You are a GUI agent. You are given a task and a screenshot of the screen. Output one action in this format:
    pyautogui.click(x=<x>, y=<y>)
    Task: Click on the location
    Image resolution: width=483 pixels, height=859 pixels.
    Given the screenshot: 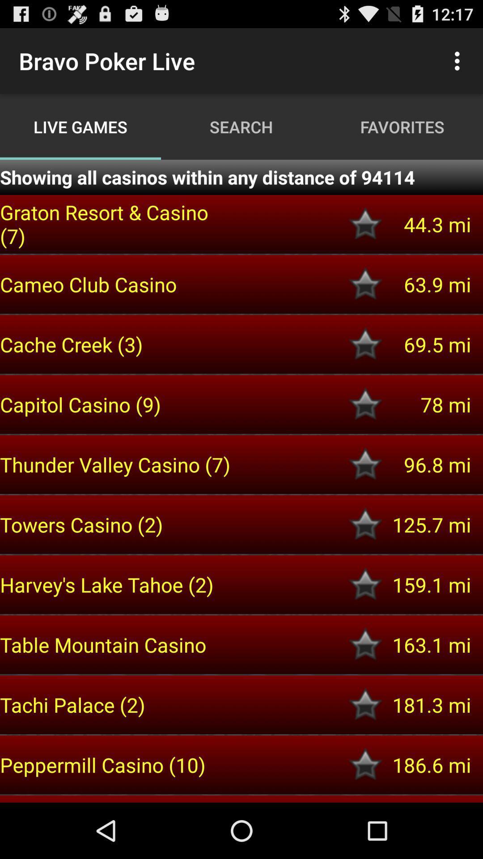 What is the action you would take?
    pyautogui.click(x=365, y=404)
    